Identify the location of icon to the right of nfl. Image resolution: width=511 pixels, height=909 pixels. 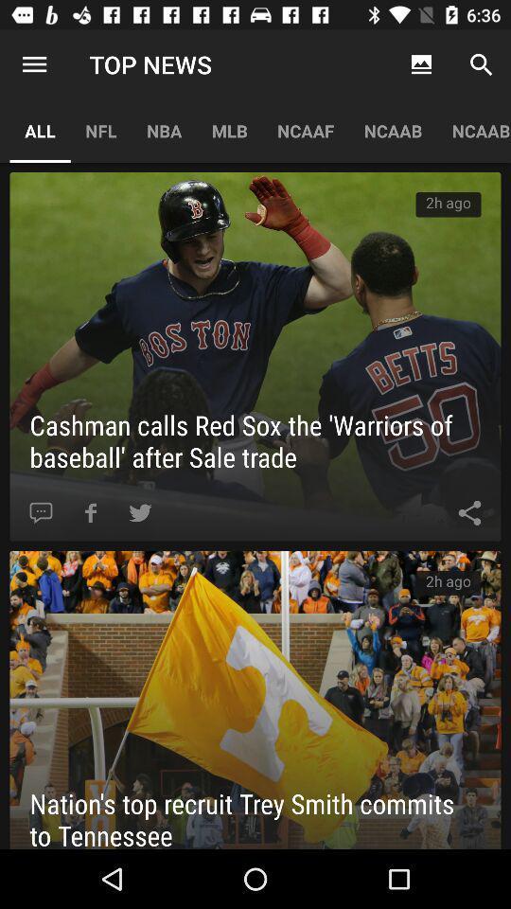
(164, 130).